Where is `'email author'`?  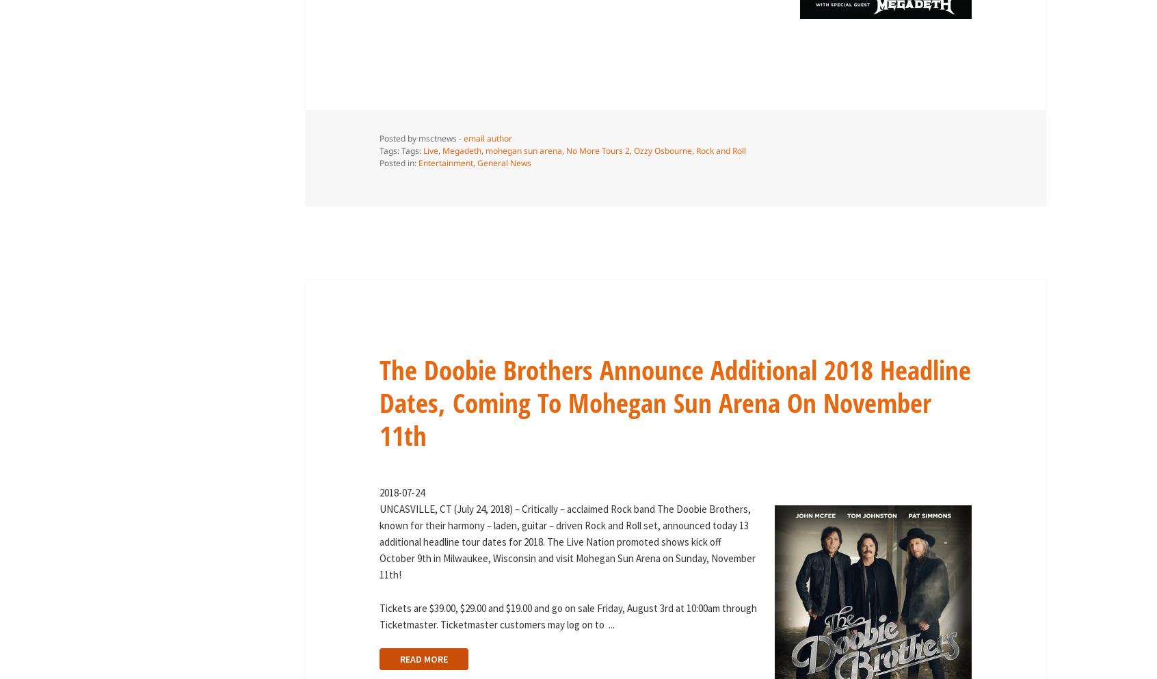 'email author' is located at coordinates (486, 137).